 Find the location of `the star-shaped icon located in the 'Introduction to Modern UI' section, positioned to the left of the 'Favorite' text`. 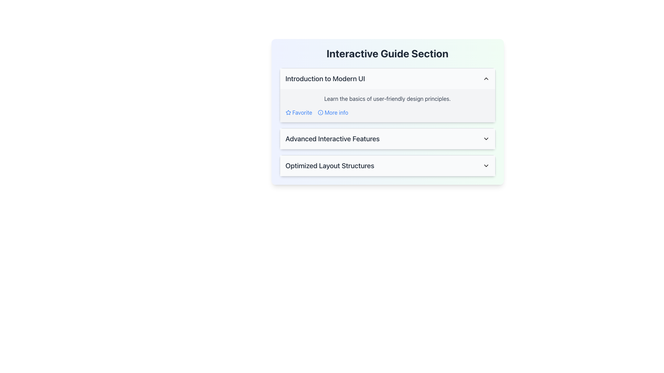

the star-shaped icon located in the 'Introduction to Modern UI' section, positioned to the left of the 'Favorite' text is located at coordinates (288, 112).